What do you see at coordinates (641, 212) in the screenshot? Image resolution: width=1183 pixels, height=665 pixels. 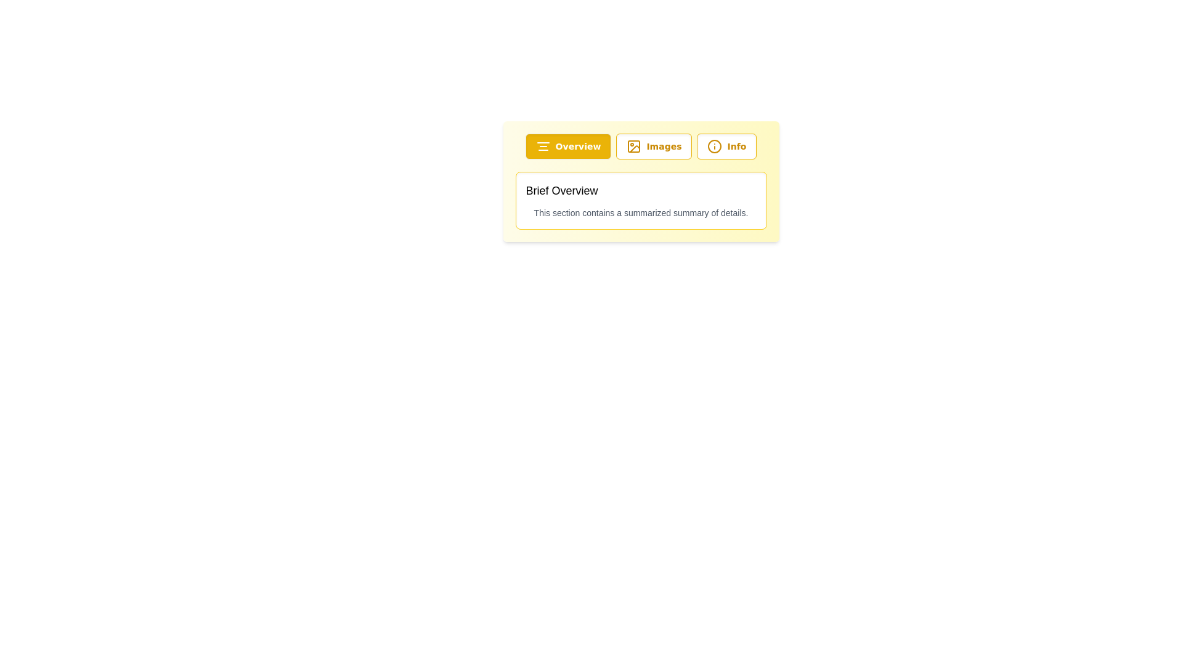 I see `the text display element that contains the sentence 'This section contains a summarized summary of details.' located below the title 'Brief Overview' in a card-like structure with a yellow background` at bounding box center [641, 212].